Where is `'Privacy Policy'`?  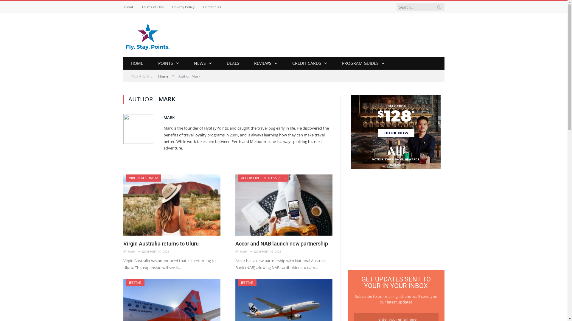
'Privacy Policy' is located at coordinates (172, 7).